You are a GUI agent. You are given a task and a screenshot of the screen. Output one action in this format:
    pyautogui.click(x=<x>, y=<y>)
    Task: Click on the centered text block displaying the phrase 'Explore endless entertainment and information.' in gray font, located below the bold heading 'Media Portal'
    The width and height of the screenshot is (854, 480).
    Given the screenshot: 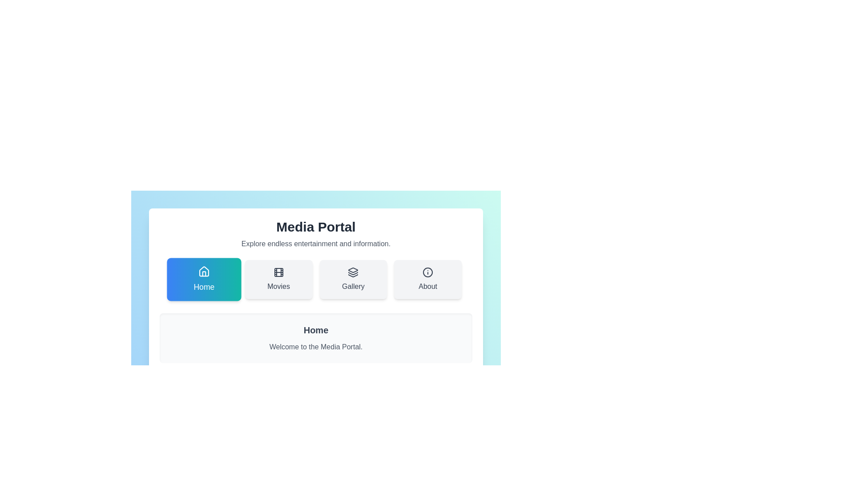 What is the action you would take?
    pyautogui.click(x=316, y=244)
    